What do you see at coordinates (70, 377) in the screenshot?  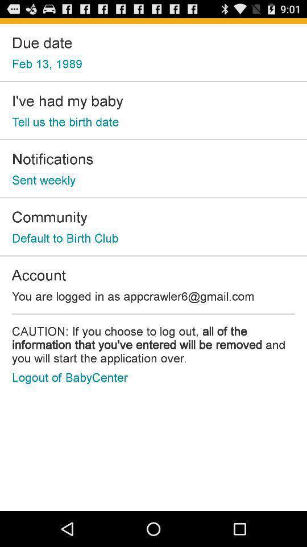 I see `the logout of babycenter at the bottom left corner` at bounding box center [70, 377].